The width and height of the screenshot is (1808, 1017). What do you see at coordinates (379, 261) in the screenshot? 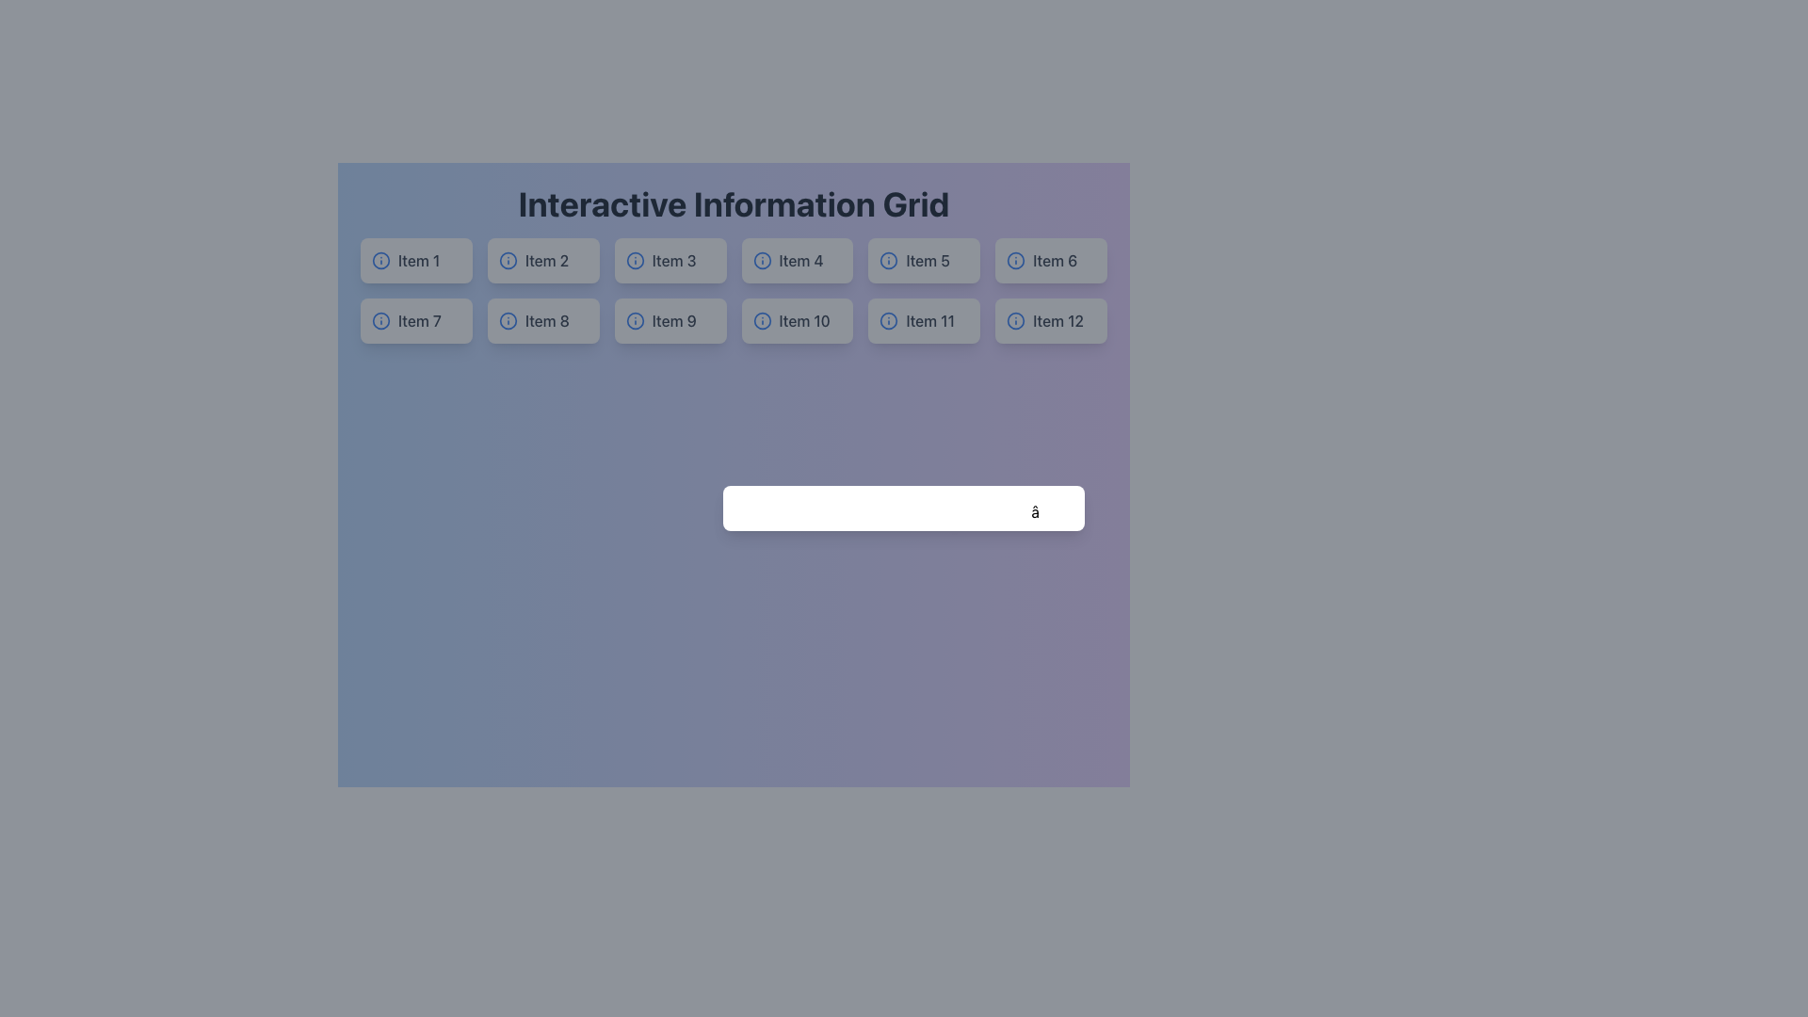
I see `the informational icon` at bounding box center [379, 261].